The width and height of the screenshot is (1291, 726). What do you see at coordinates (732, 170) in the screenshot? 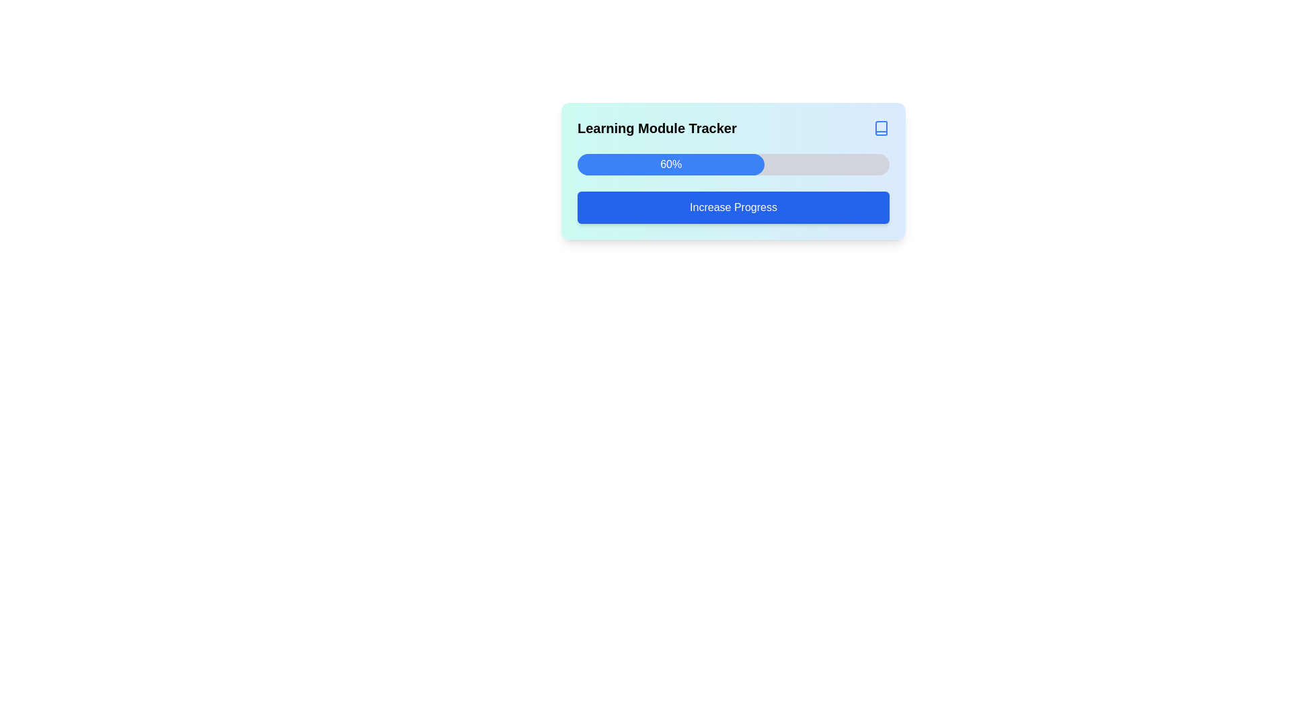
I see `the progress value displayed on the progress bar indicating 60% completion, which is visually represented by a blue foreground on a gray background` at bounding box center [732, 170].